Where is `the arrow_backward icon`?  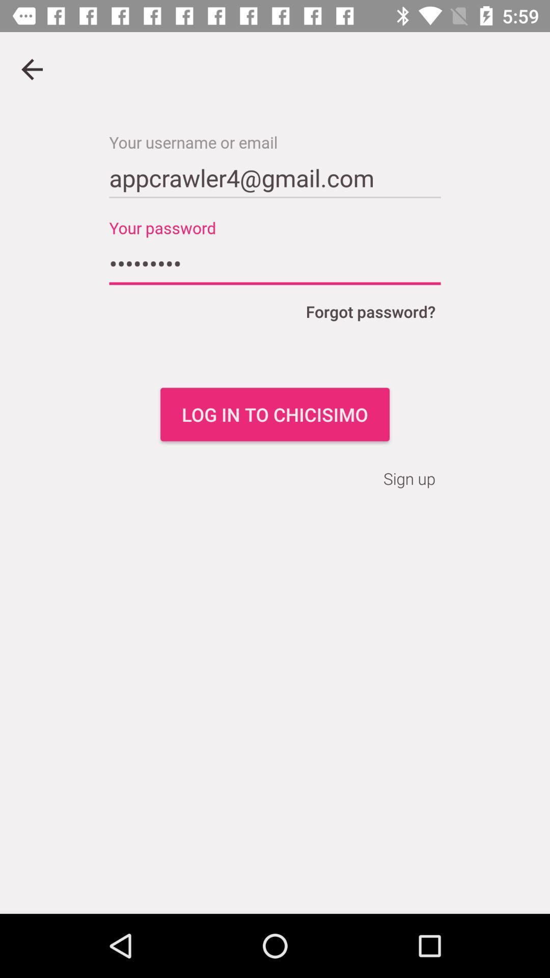 the arrow_backward icon is located at coordinates (31, 69).